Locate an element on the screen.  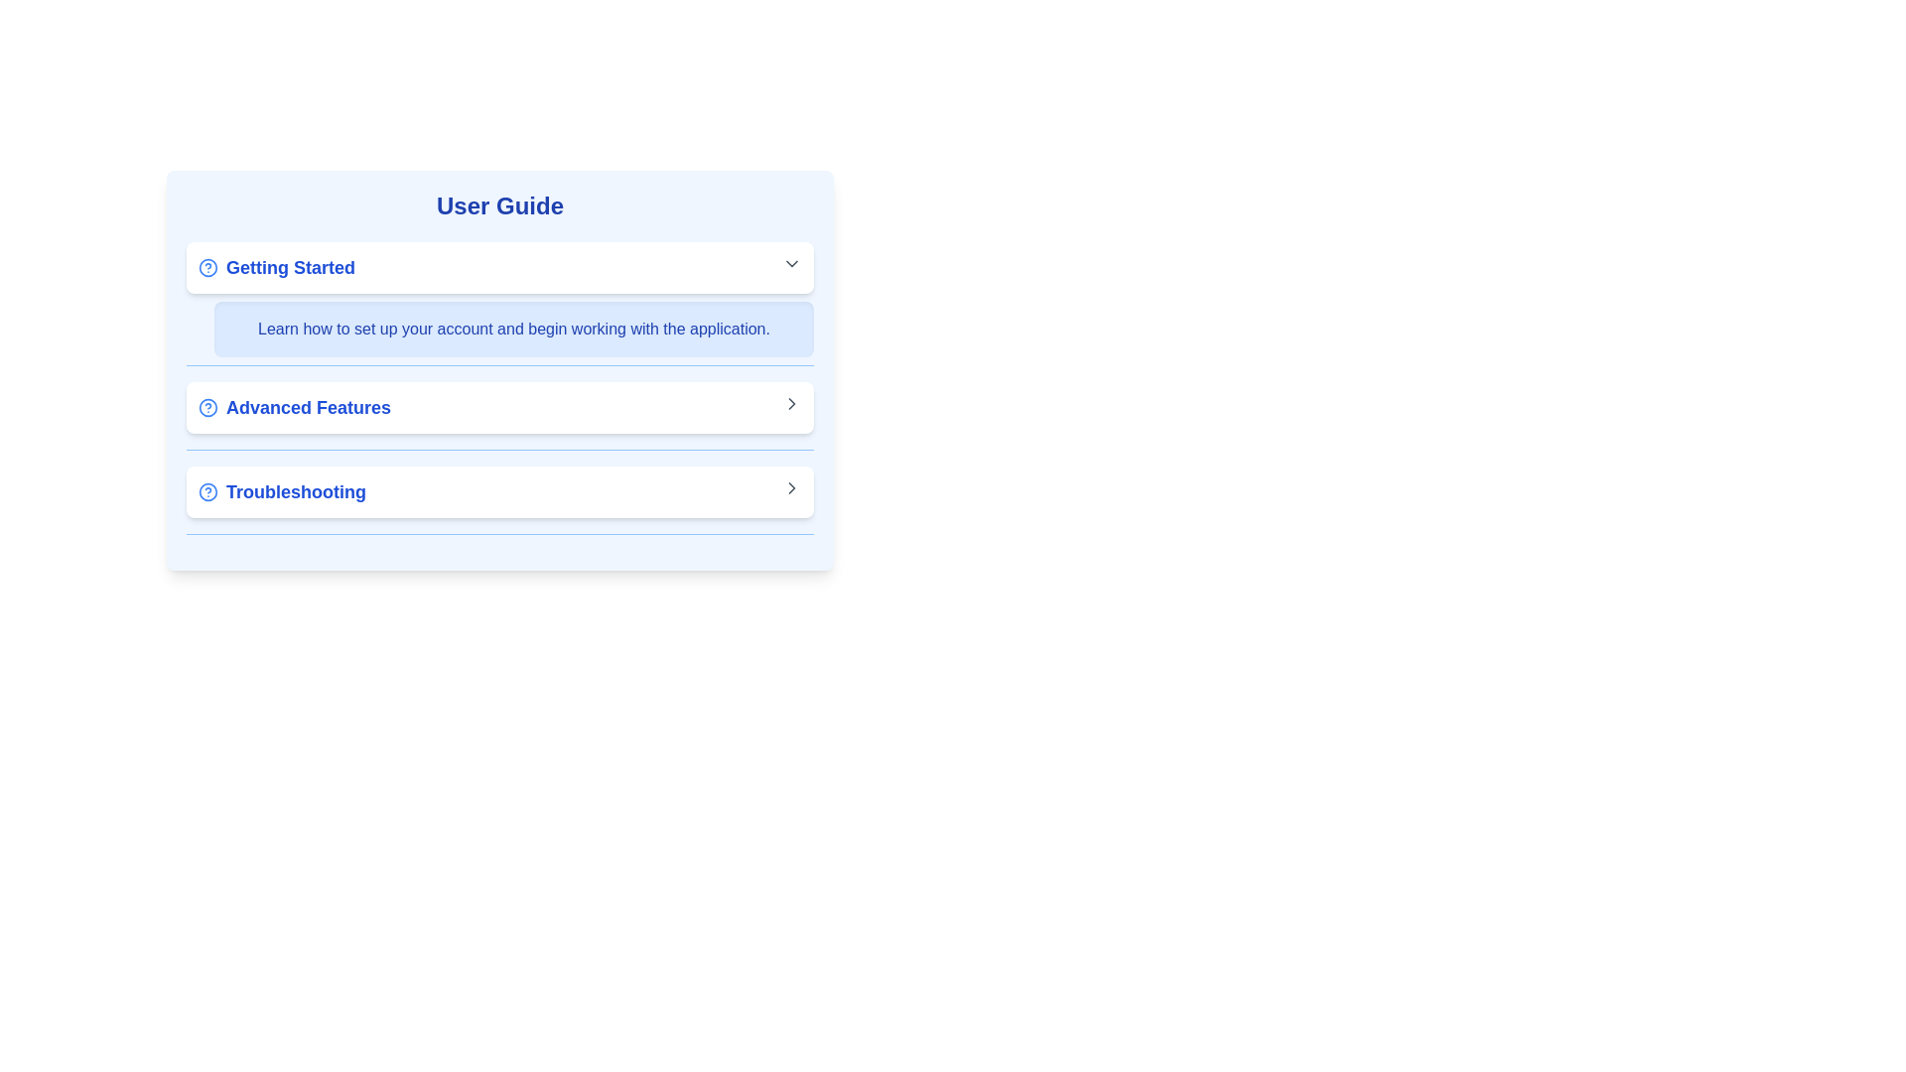
the third navigational button that leads to troubleshooting guides is located at coordinates (500, 499).